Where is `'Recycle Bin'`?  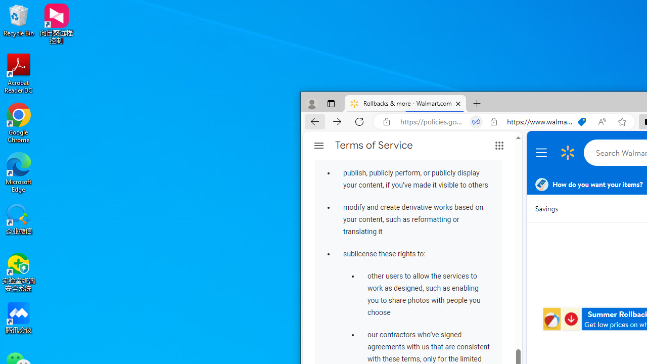 'Recycle Bin' is located at coordinates (19, 20).